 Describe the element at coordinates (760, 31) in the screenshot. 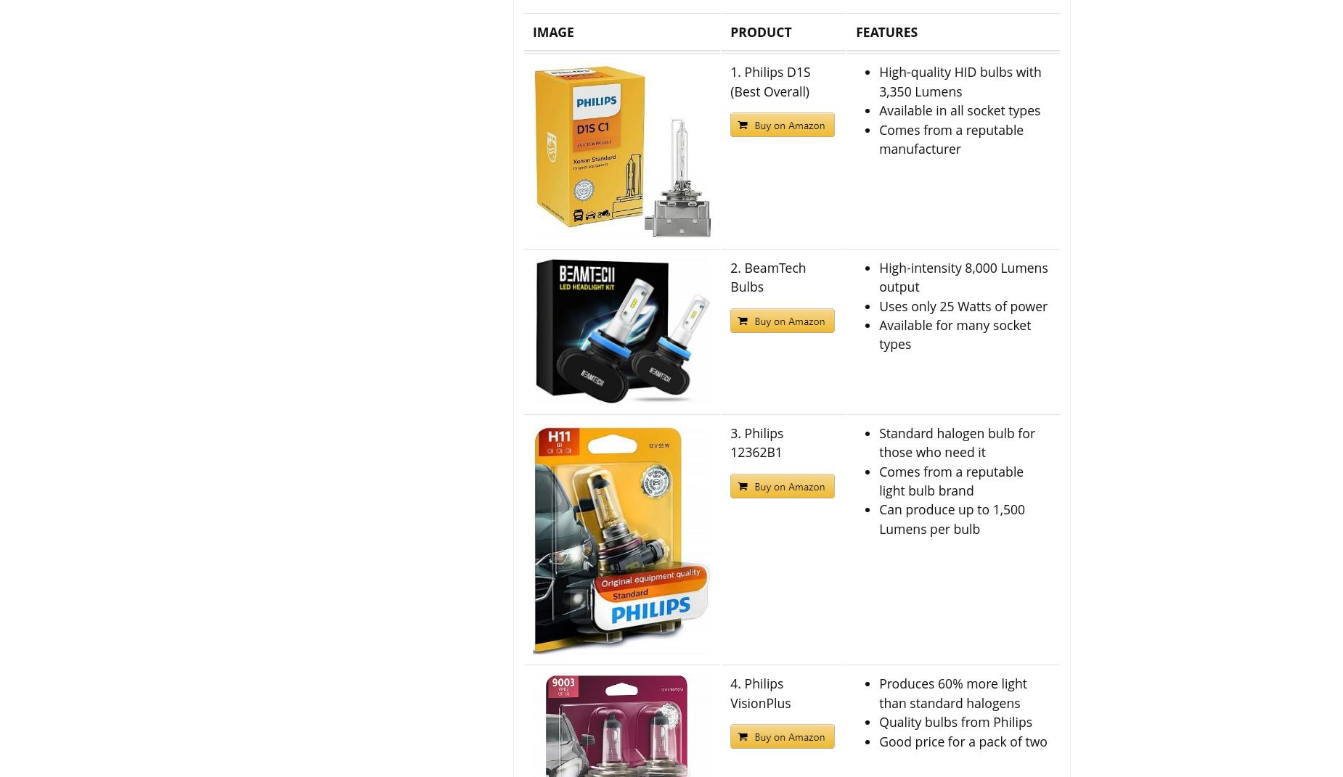

I see `'PRODUCT'` at that location.